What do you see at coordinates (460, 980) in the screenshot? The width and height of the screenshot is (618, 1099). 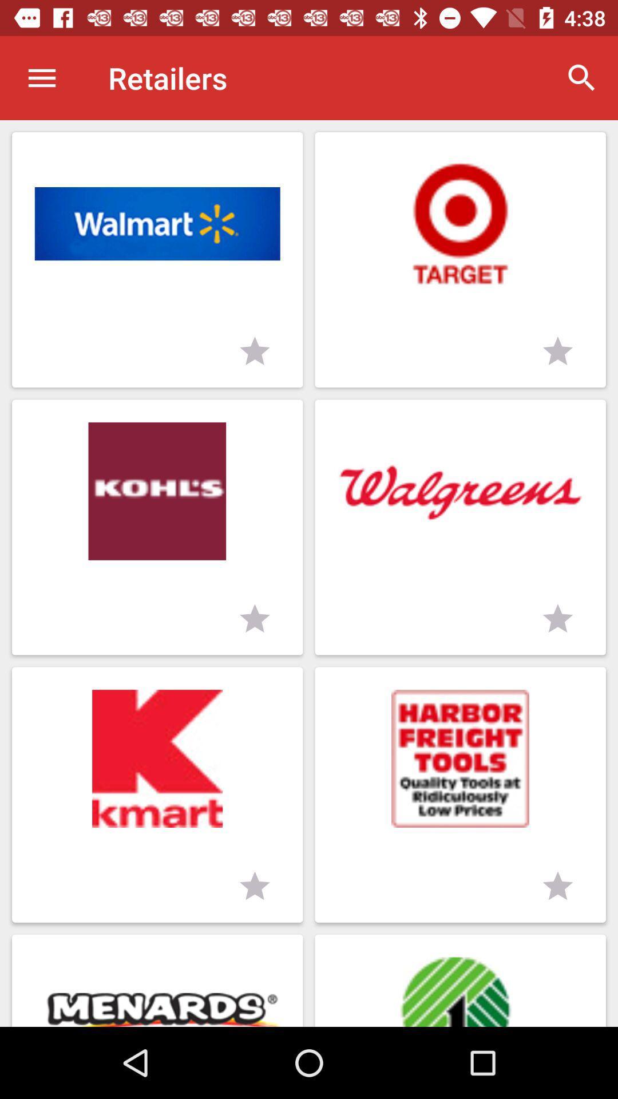 I see `the fourth row of second image` at bounding box center [460, 980].